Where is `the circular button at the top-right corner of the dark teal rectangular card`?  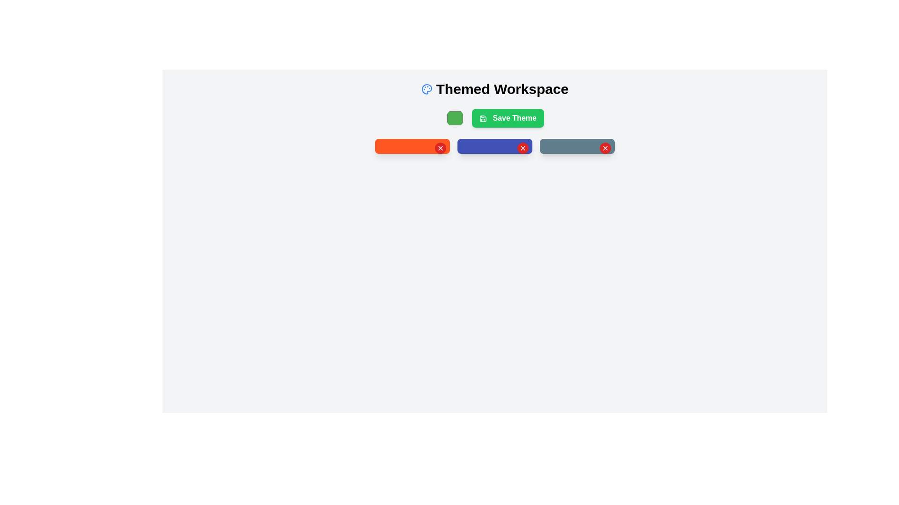
the circular button at the top-right corner of the dark teal rectangular card is located at coordinates (605, 147).